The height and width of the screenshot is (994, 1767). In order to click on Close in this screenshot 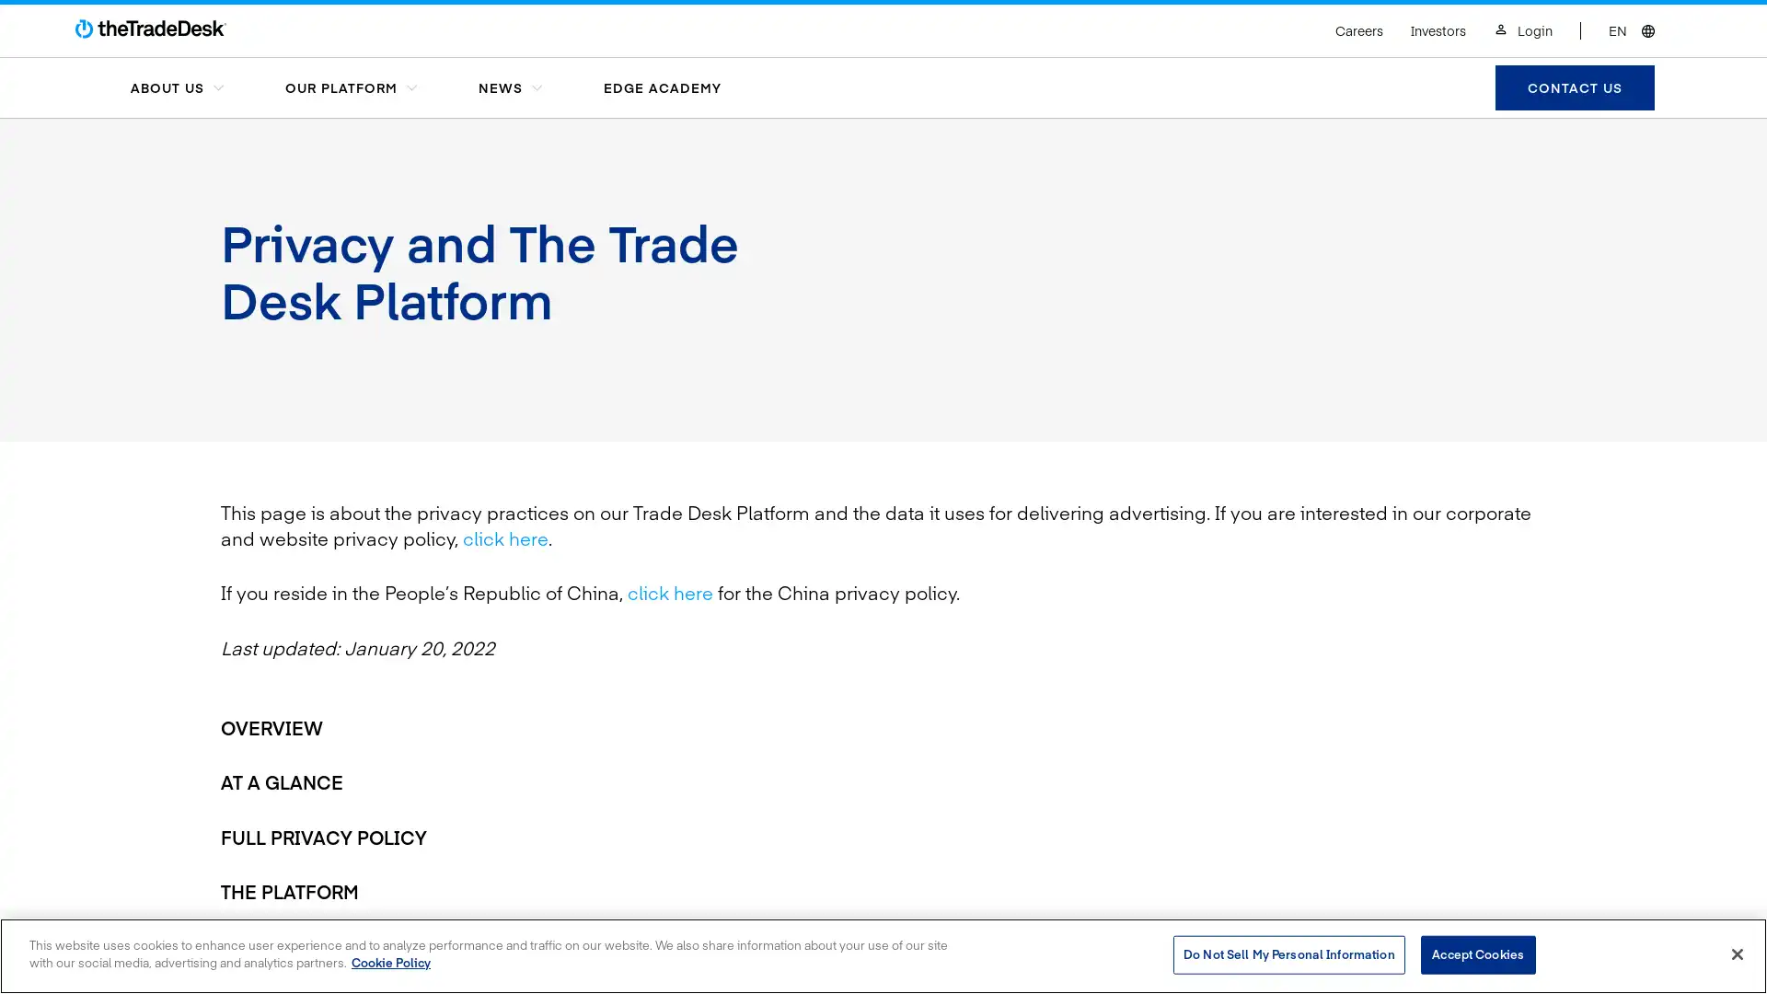, I will do `click(1736, 953)`.